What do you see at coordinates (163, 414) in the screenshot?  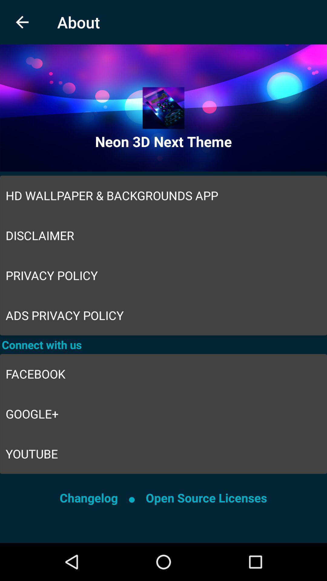 I see `icon above the youtube icon` at bounding box center [163, 414].